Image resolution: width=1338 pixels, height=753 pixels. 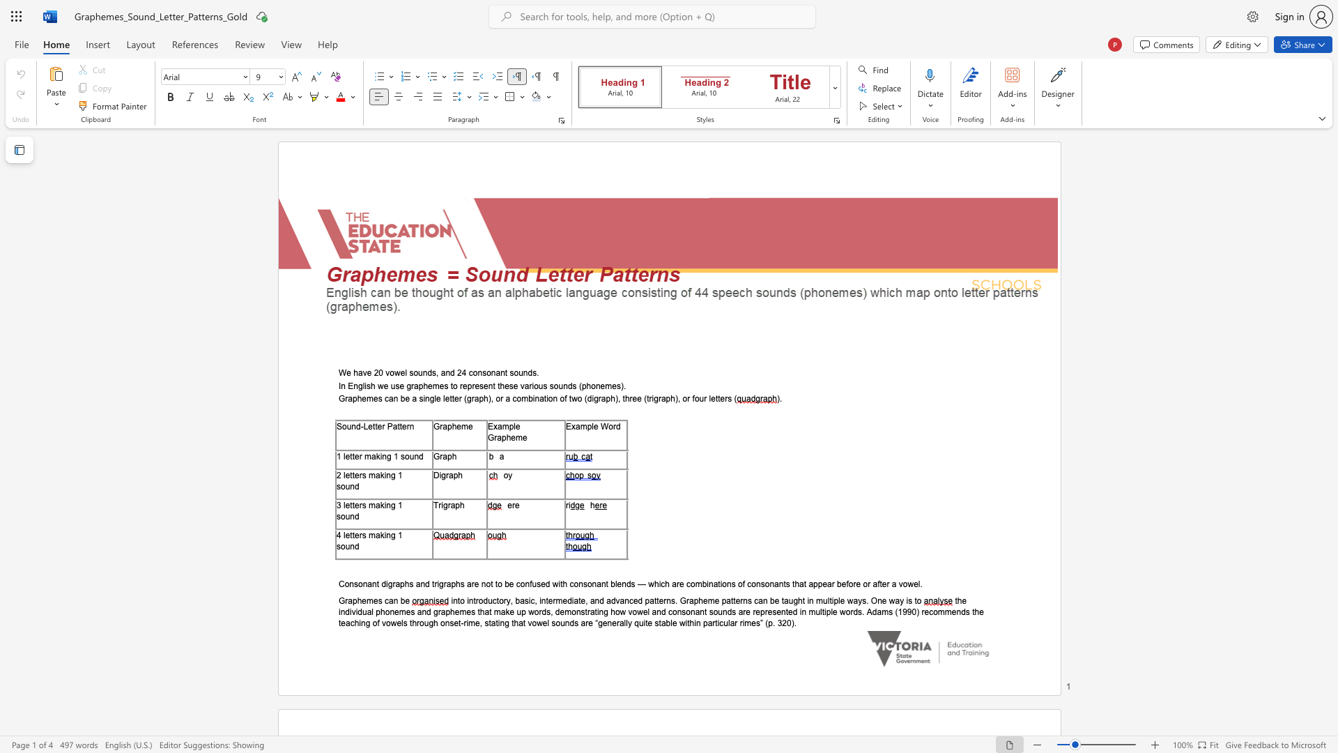 What do you see at coordinates (467, 584) in the screenshot?
I see `the subset text "are not to be confused with consonant blends — which are combination" within the text "Consonant digraphs and trigraphs are not to be confused with consonant blends — which are combinations of consonants that appear before or after a vowel"` at bounding box center [467, 584].